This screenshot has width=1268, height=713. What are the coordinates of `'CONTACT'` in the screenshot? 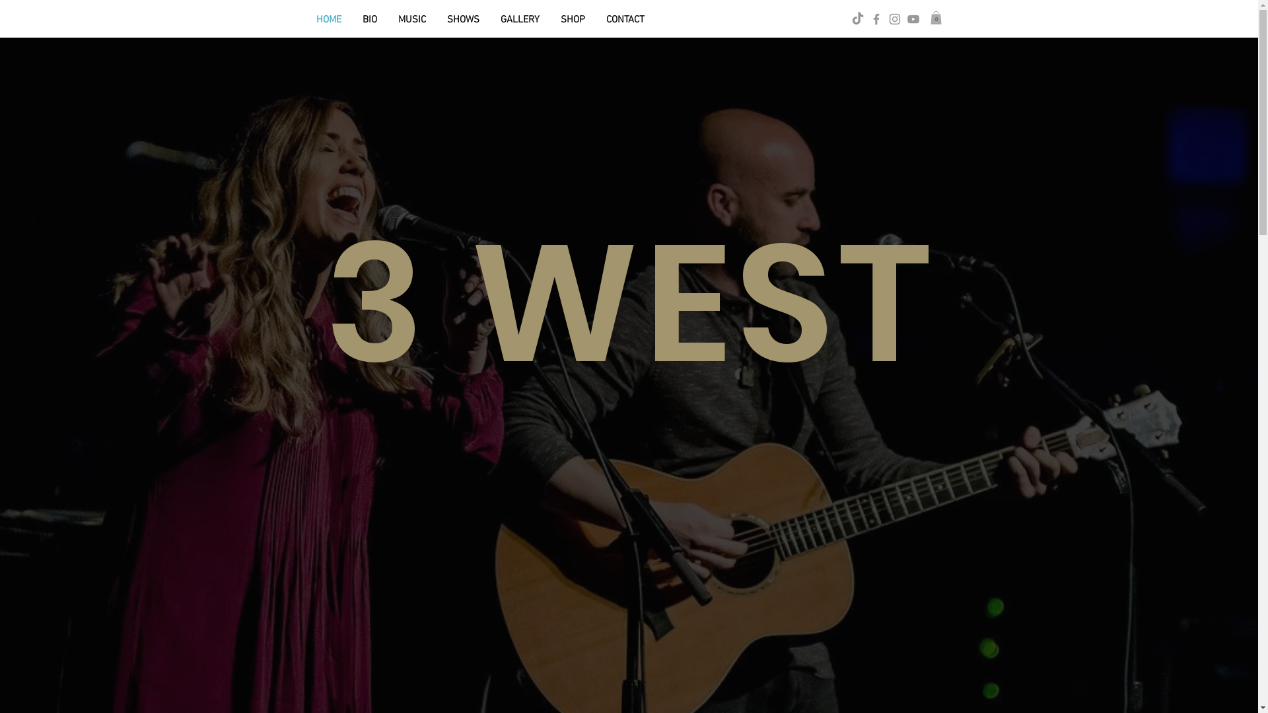 It's located at (595, 20).